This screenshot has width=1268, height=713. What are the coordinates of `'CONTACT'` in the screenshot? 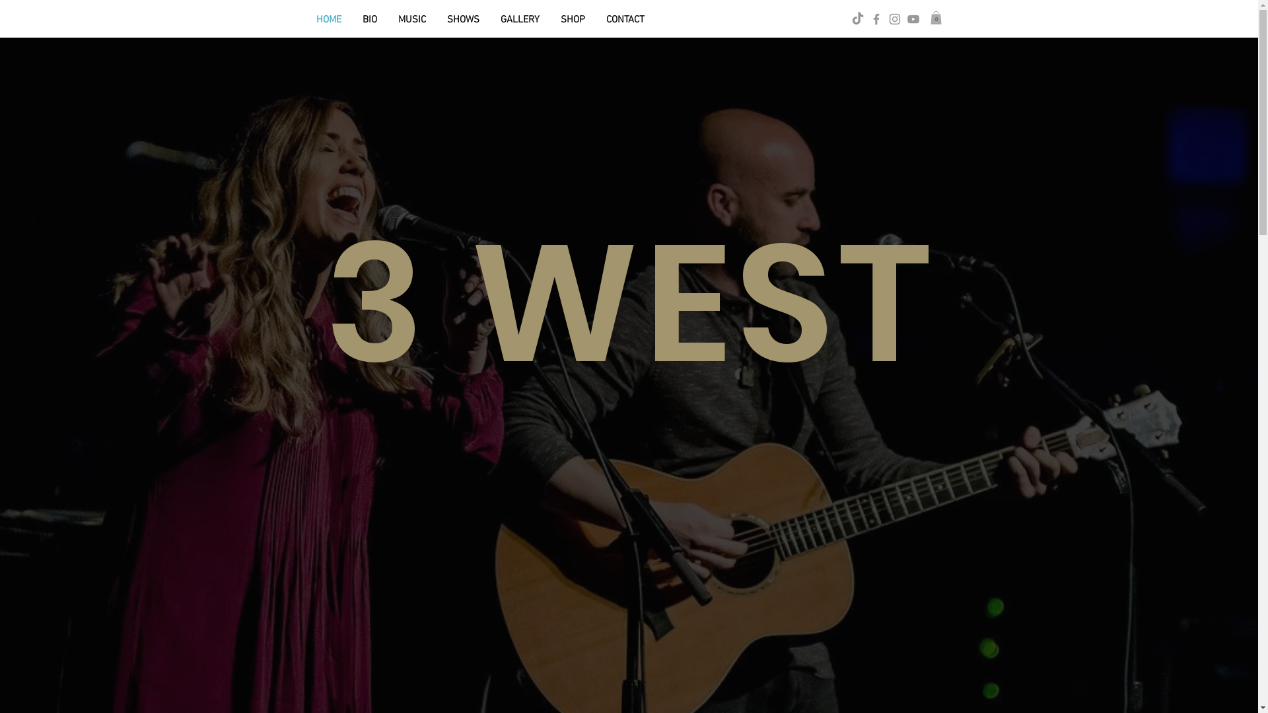 It's located at (595, 20).